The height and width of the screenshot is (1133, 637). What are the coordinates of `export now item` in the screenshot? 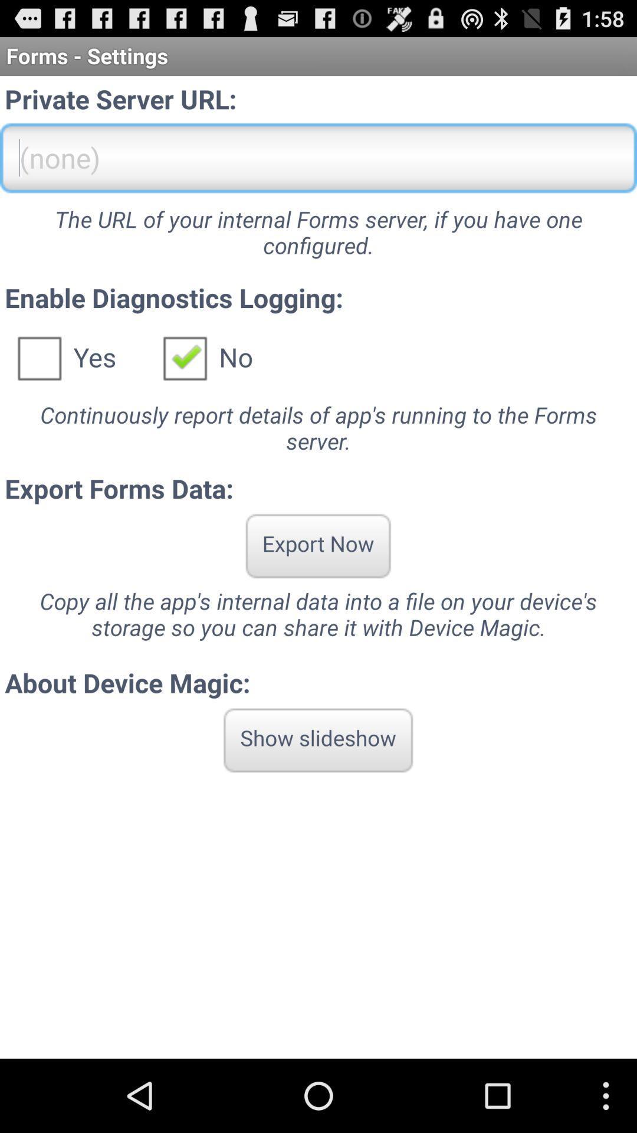 It's located at (317, 545).